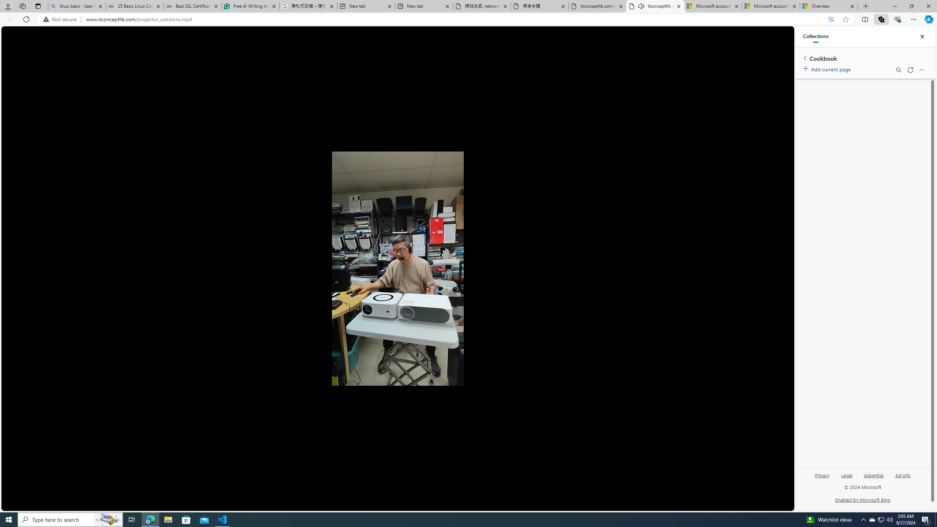 The height and width of the screenshot is (527, 937). What do you see at coordinates (922, 70) in the screenshot?
I see `'More options menu'` at bounding box center [922, 70].